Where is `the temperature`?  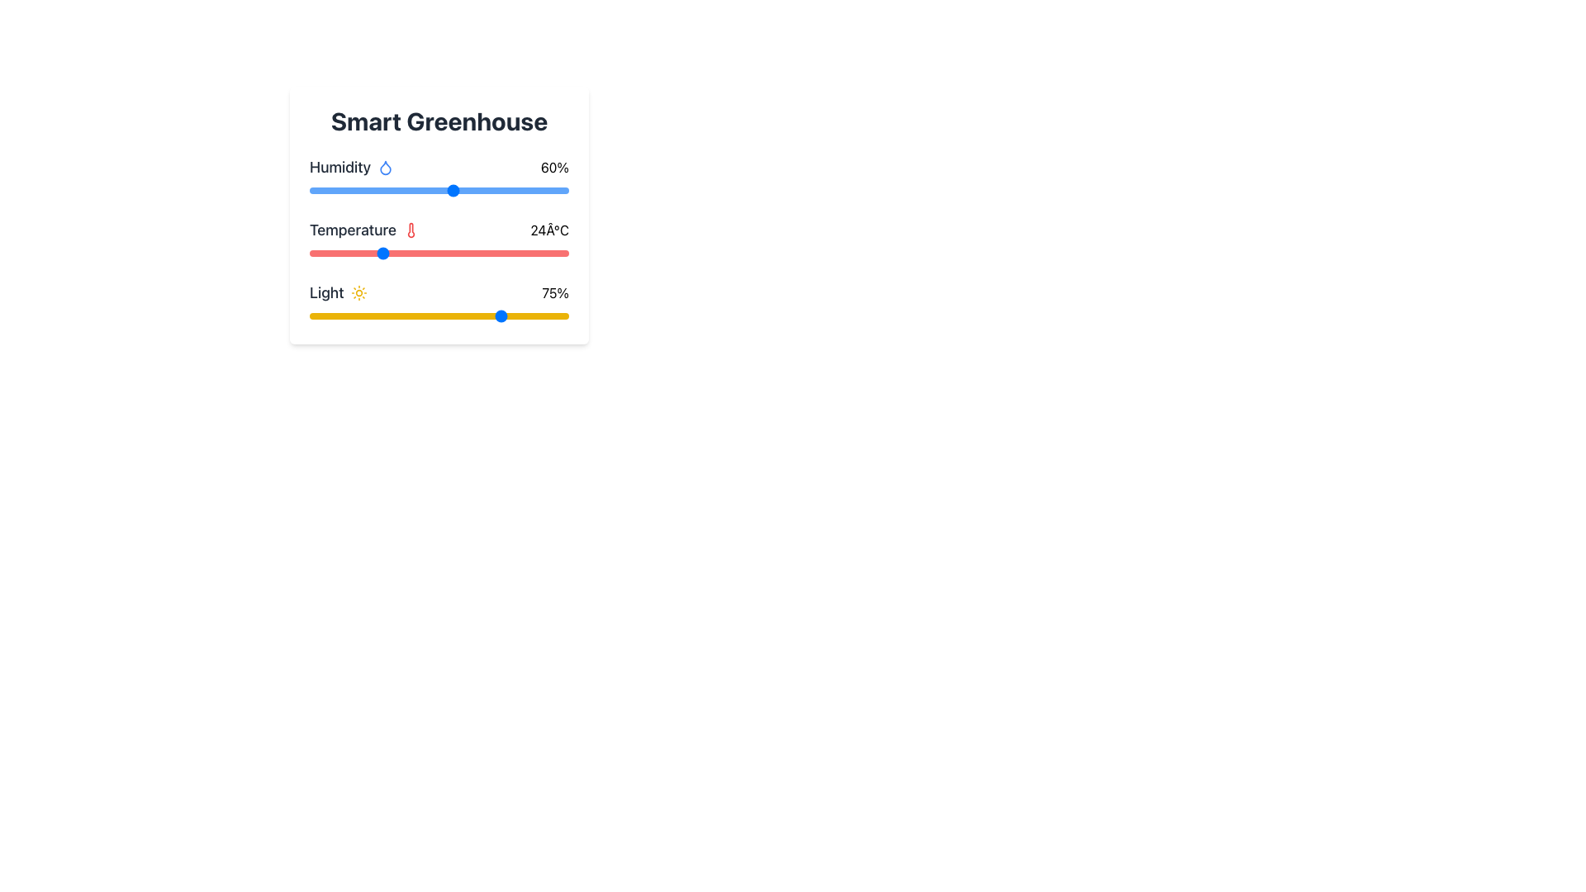 the temperature is located at coordinates (391, 254).